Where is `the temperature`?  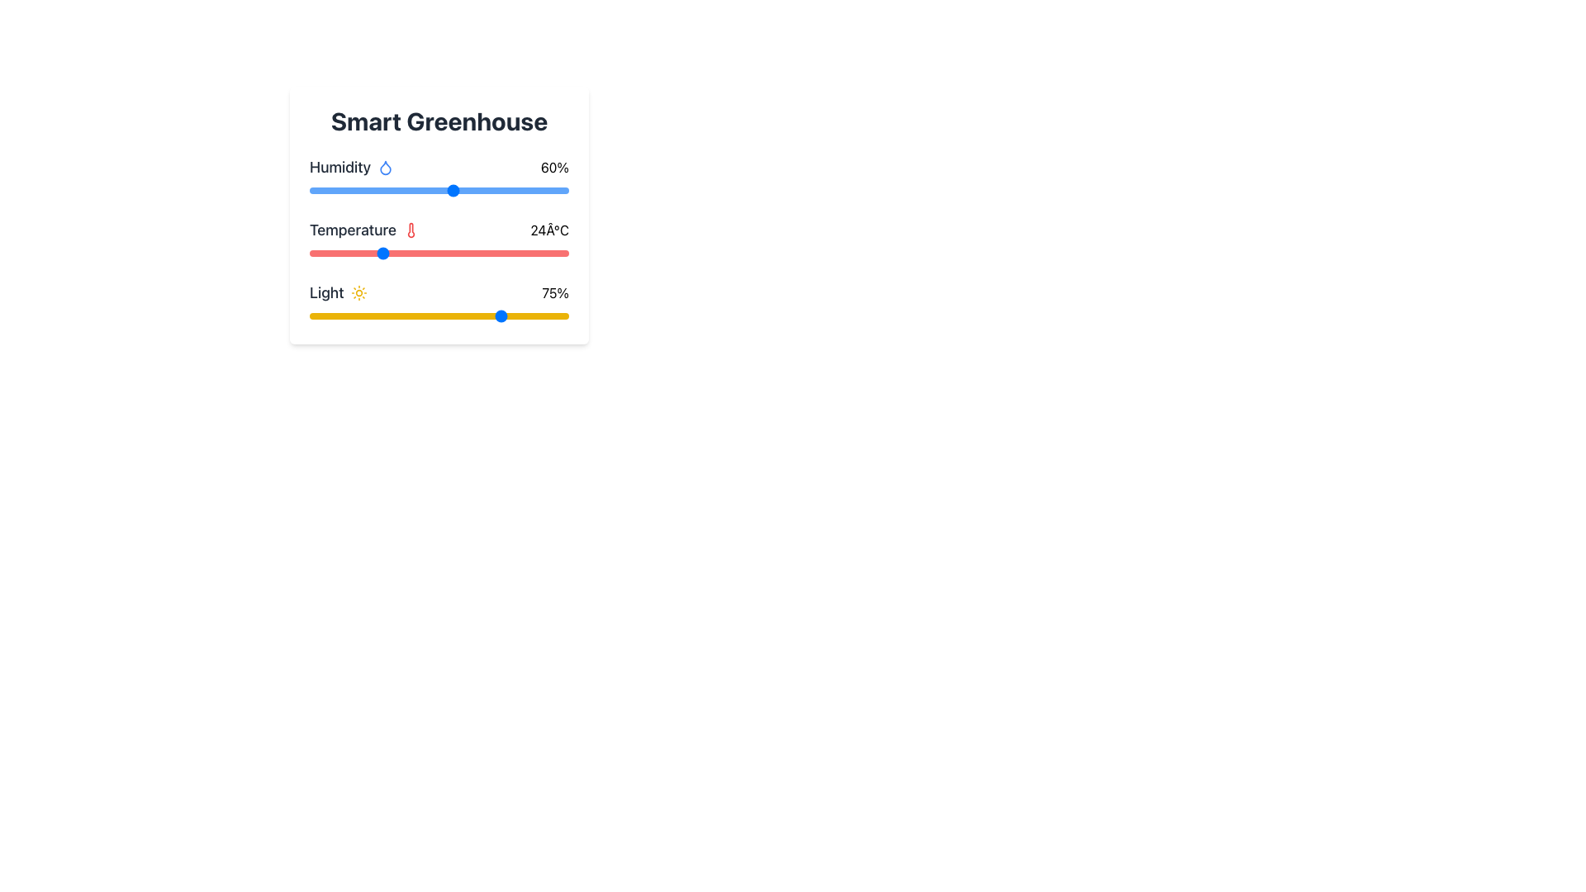 the temperature is located at coordinates (391, 254).